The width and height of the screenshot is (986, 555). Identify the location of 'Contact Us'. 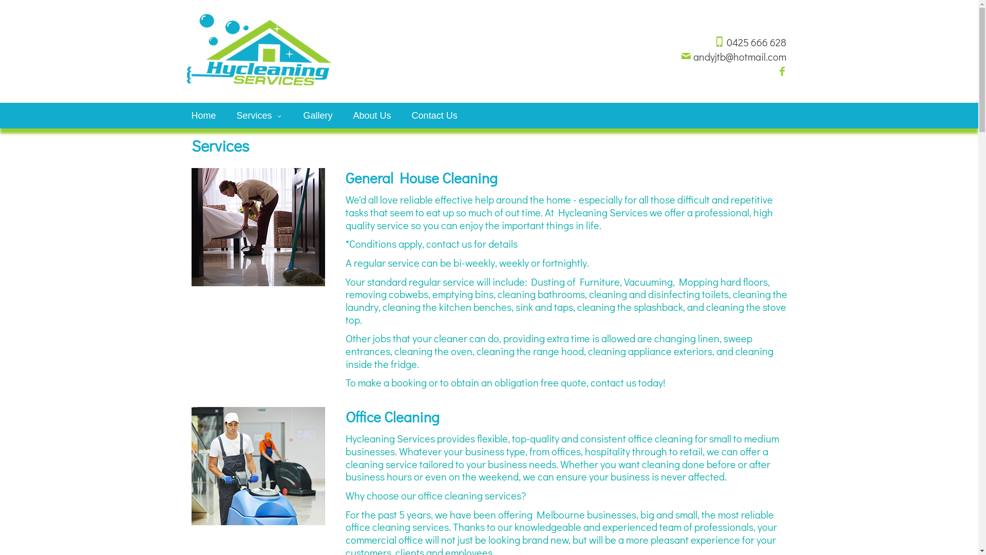
(401, 115).